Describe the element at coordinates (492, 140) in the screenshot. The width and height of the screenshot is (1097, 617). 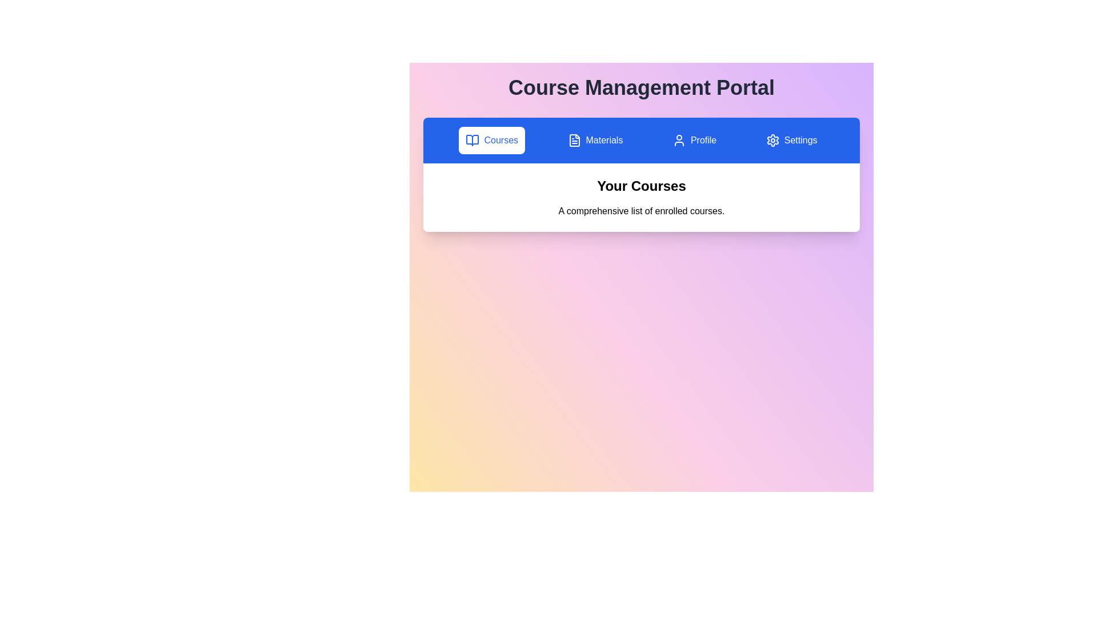
I see `the first button in the navigation bar located at the top left of the page` at that location.